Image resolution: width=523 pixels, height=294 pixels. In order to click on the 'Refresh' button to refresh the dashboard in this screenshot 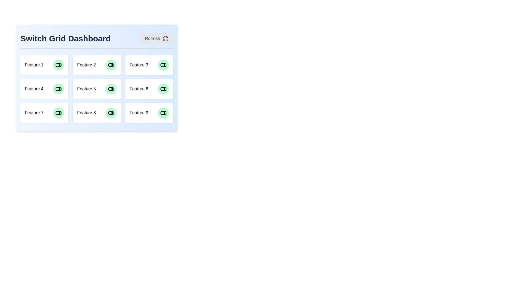, I will do `click(157, 38)`.